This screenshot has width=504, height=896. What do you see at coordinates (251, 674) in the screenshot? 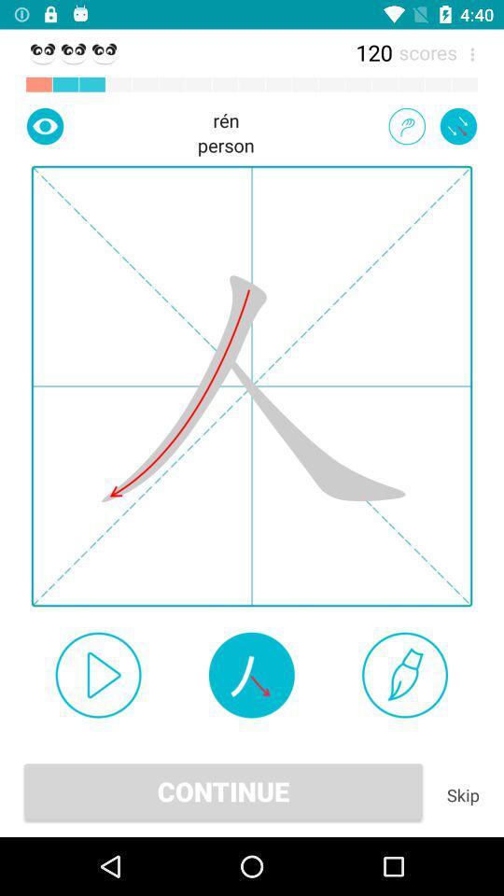
I see `show strokes` at bounding box center [251, 674].